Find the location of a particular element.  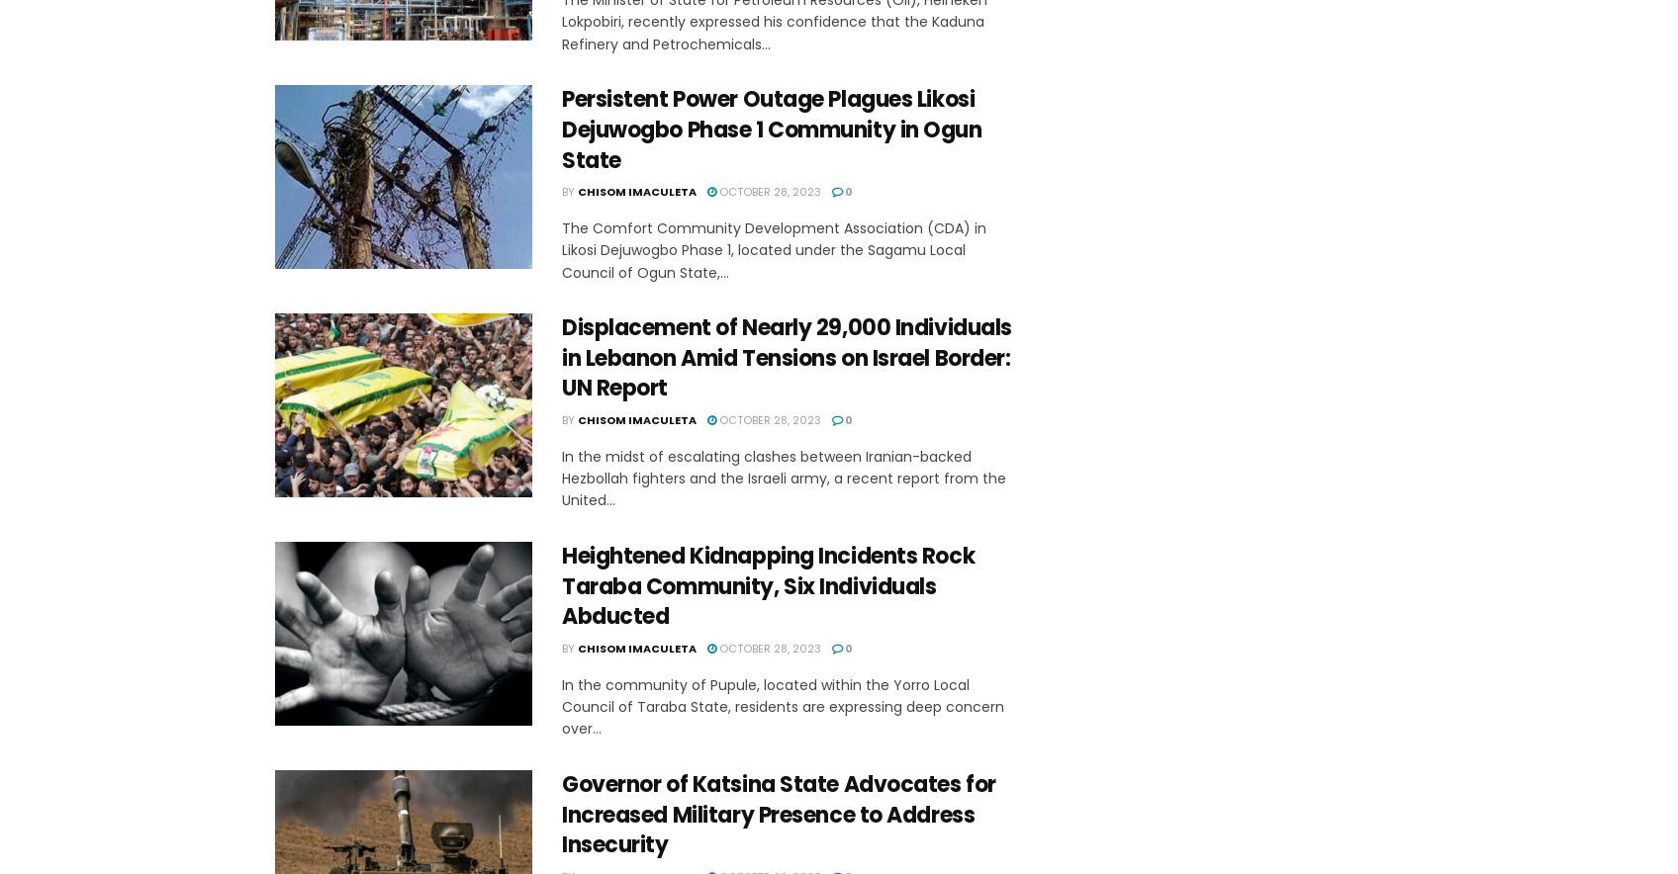

'Heightened Kidnapping Incidents Rock Taraba Community, Six Individuals Abducted' is located at coordinates (768, 585).